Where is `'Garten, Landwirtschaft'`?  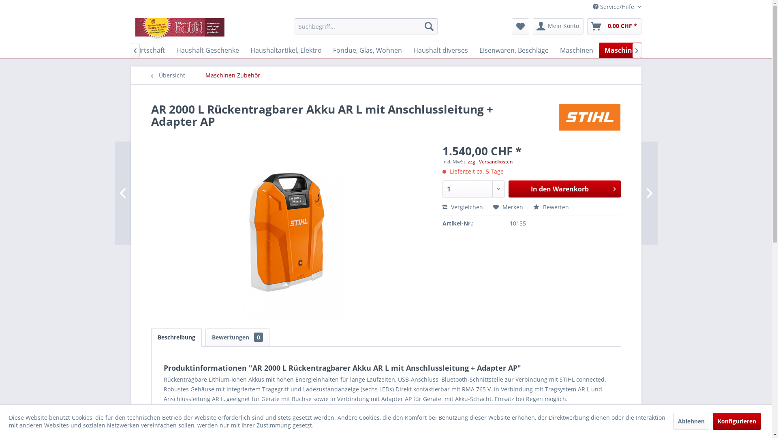 'Garten, Landwirtschaft' is located at coordinates (130, 50).